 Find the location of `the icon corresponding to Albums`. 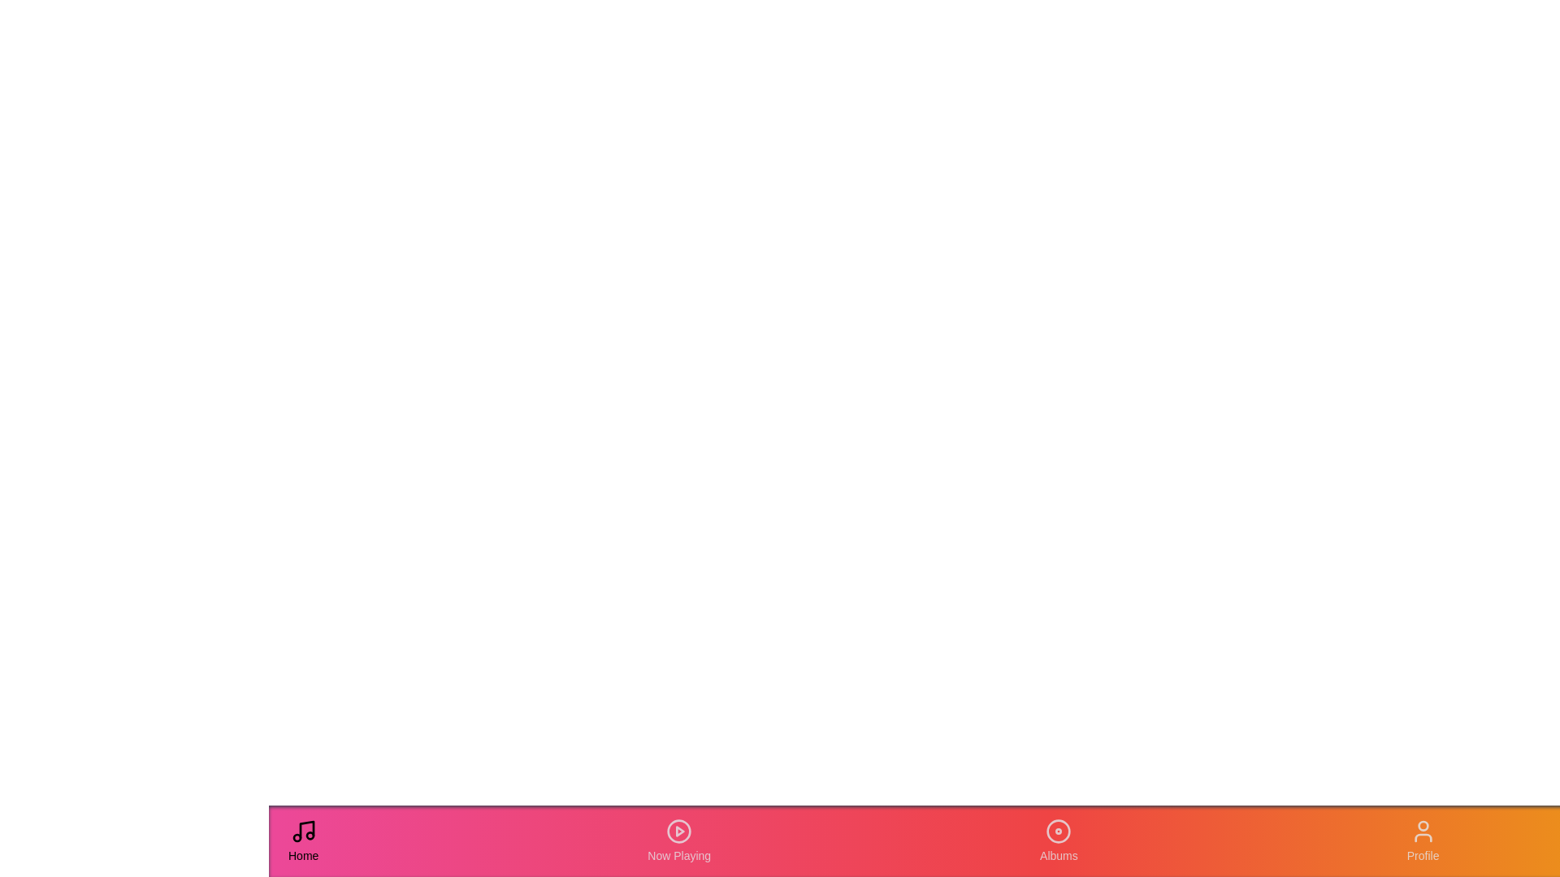

the icon corresponding to Albums is located at coordinates (1058, 840).